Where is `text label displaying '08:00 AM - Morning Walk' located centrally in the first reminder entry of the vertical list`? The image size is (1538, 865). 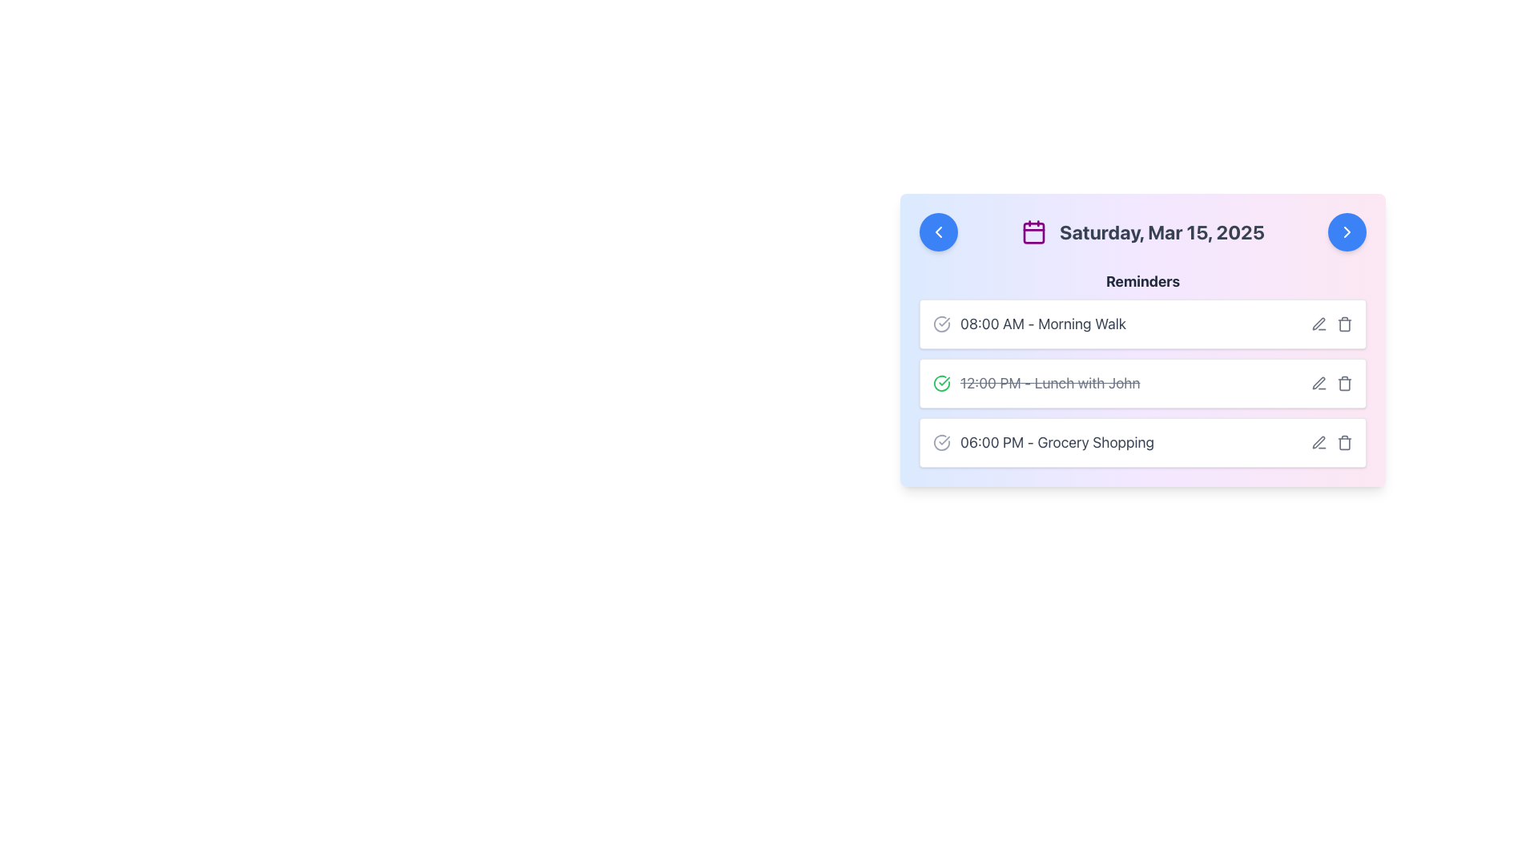 text label displaying '08:00 AM - Morning Walk' located centrally in the first reminder entry of the vertical list is located at coordinates (1043, 324).